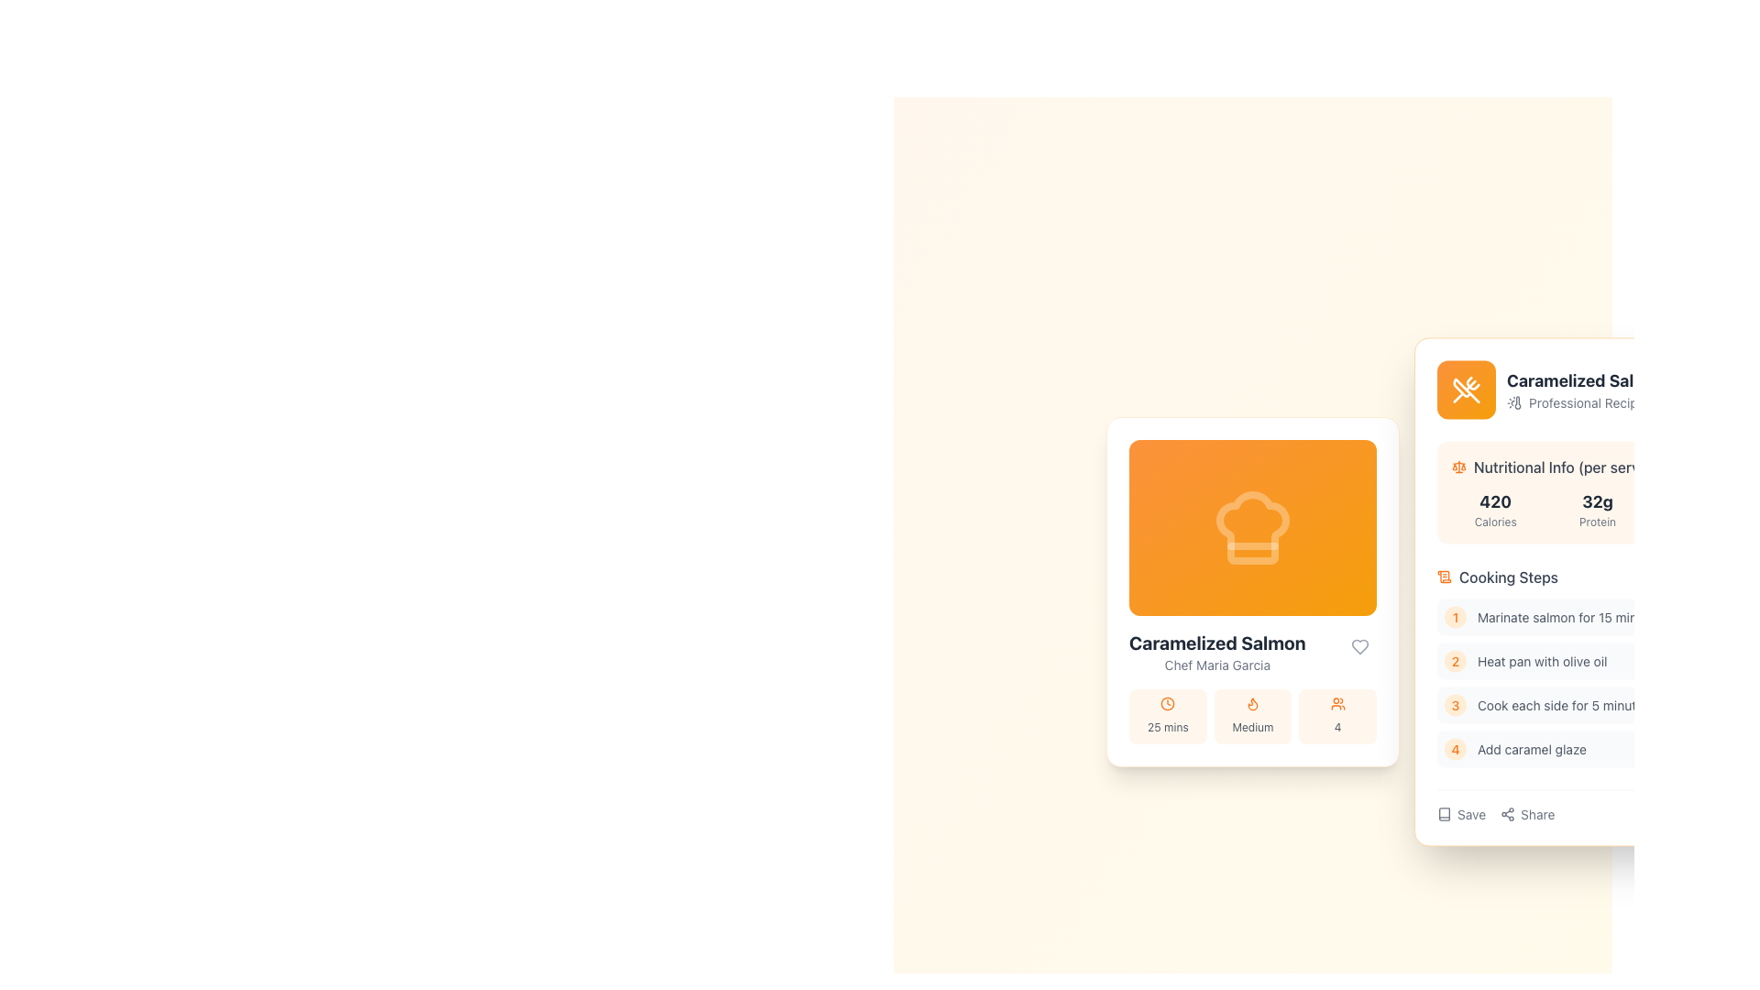 This screenshot has height=990, width=1760. I want to click on the text of the second step in the cooking guide, which is styled as a horizontal card with rounded edges and contains a numbered orange circle, so click(1596, 665).